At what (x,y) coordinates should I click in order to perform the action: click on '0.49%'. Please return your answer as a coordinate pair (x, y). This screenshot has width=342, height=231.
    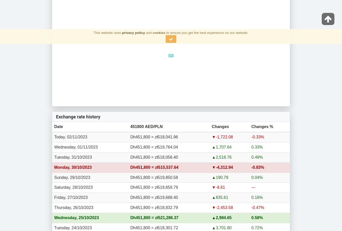
    Looking at the image, I should click on (257, 157).